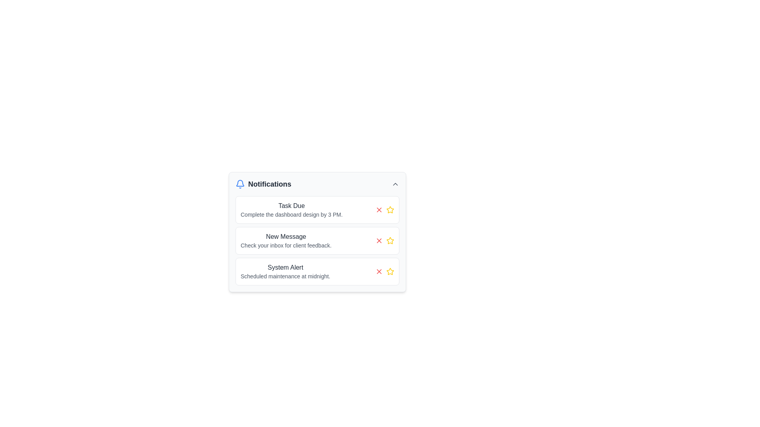 The image size is (760, 427). What do you see at coordinates (285, 245) in the screenshot?
I see `static Text Label providing additional context for 'New Message', located below the title and centered in the notifications list` at bounding box center [285, 245].